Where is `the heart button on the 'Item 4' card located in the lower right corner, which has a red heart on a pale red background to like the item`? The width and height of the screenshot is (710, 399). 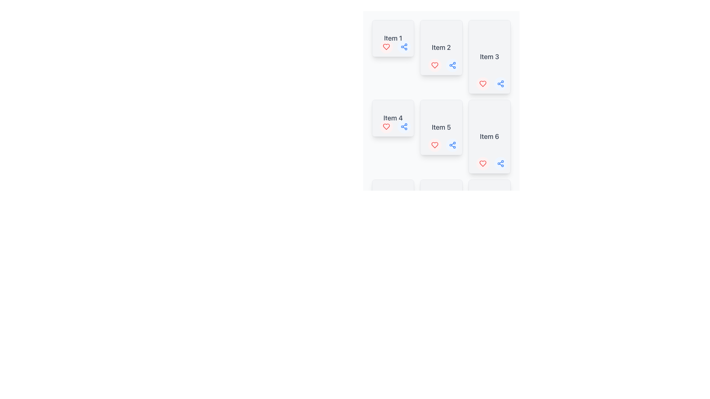
the heart button on the 'Item 4' card located in the lower right corner, which has a red heart on a pale red background to like the item is located at coordinates (395, 126).